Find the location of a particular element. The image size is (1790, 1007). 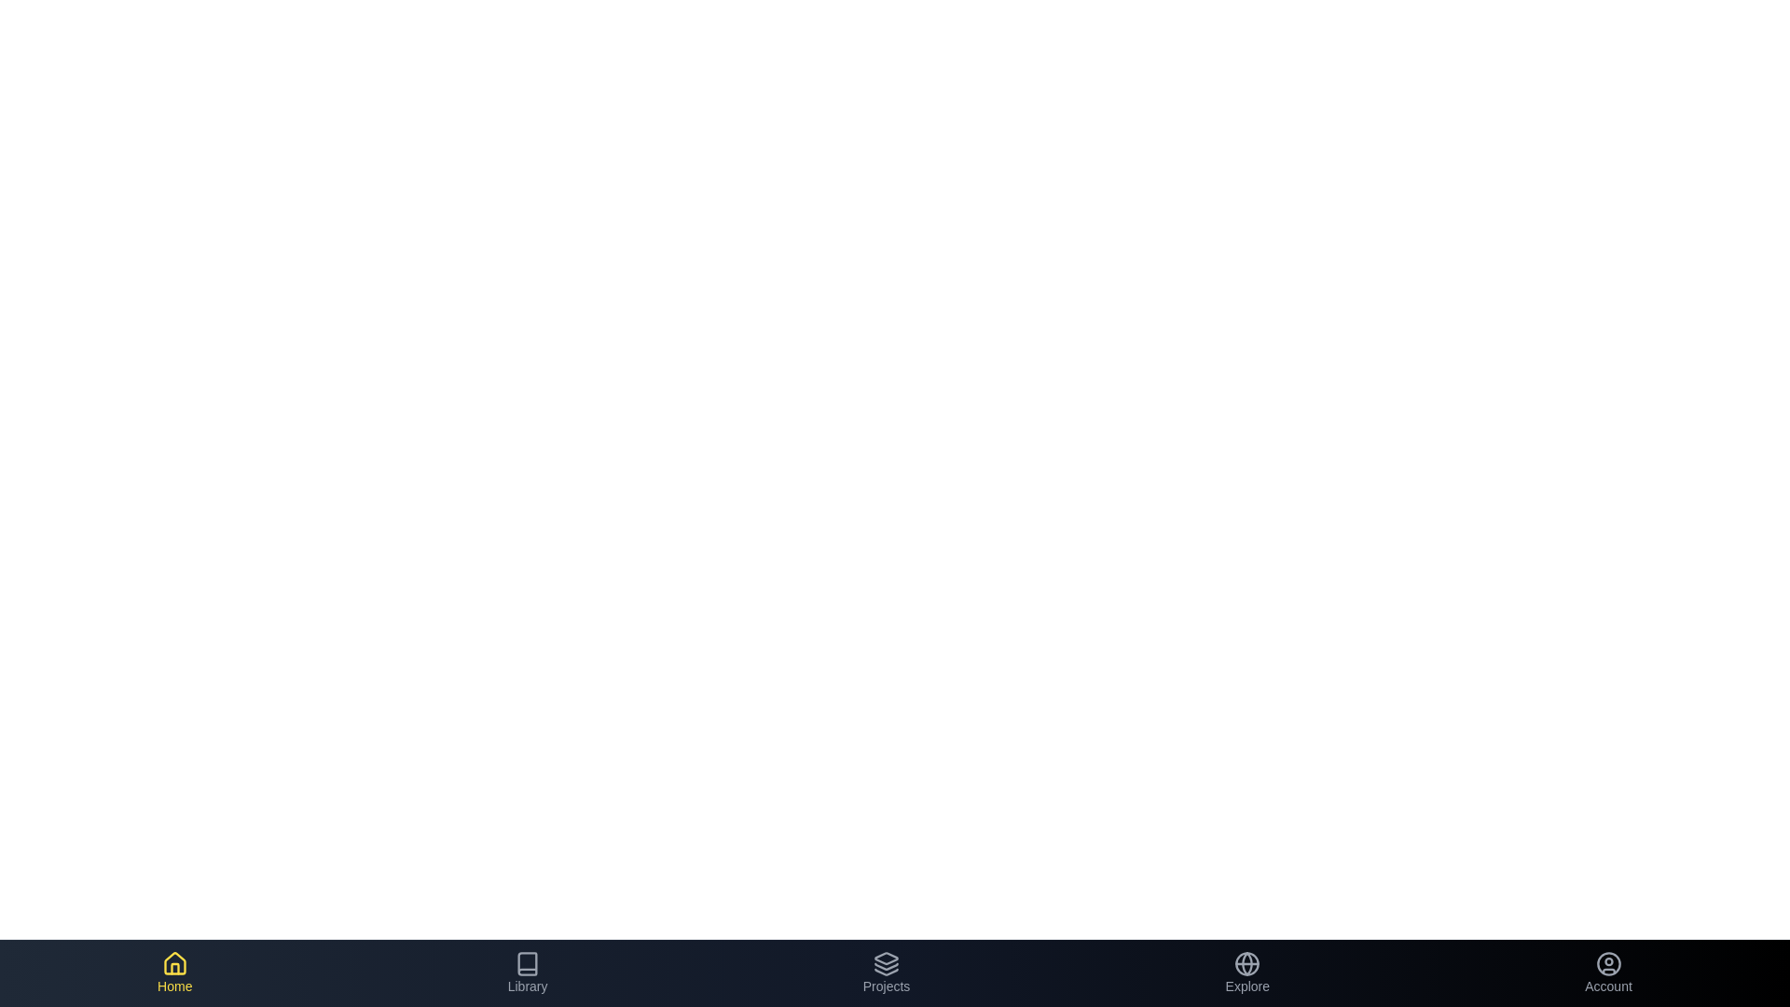

the Library tab to see the hover effect is located at coordinates (527, 973).